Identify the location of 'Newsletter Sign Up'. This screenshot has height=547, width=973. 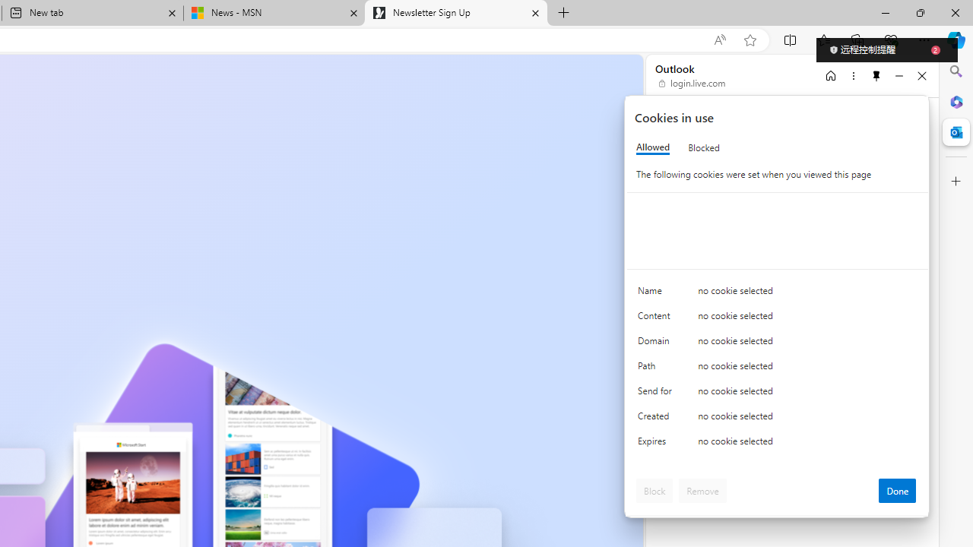
(455, 13).